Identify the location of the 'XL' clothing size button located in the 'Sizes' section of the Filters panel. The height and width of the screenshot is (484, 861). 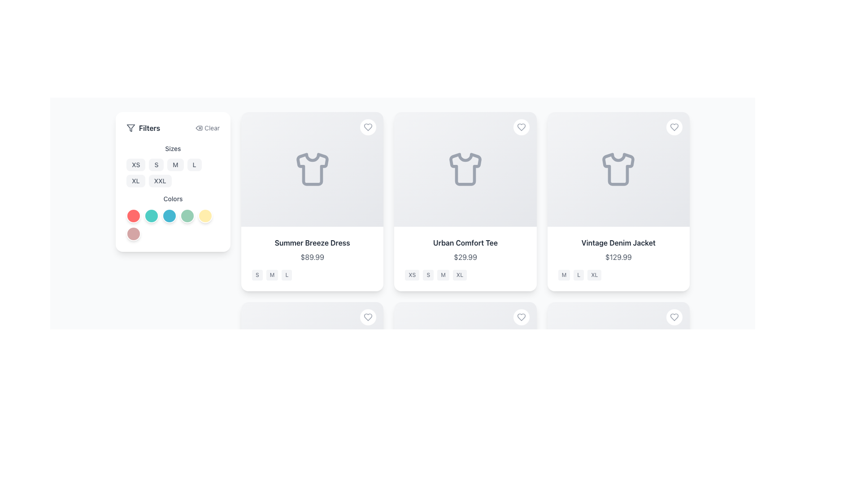
(135, 181).